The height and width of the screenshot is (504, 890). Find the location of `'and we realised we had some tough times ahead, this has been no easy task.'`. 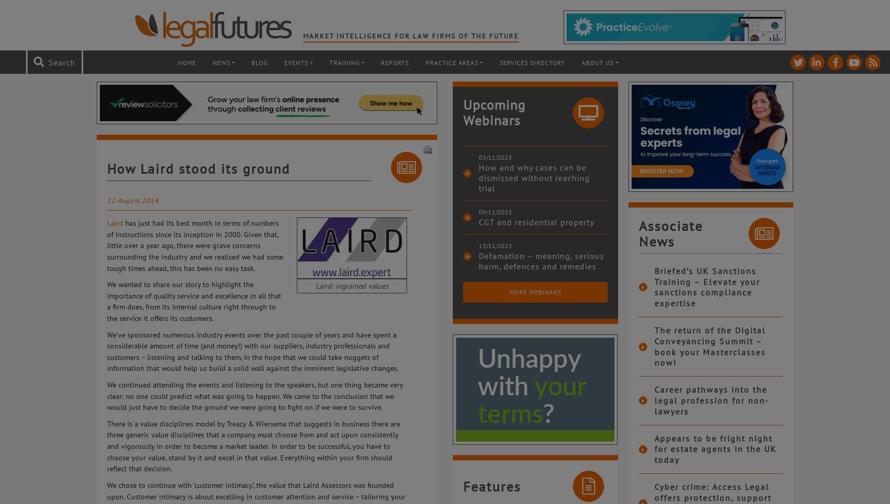

'and we realised we had some tough times ahead, this has been no easy task.' is located at coordinates (195, 261).